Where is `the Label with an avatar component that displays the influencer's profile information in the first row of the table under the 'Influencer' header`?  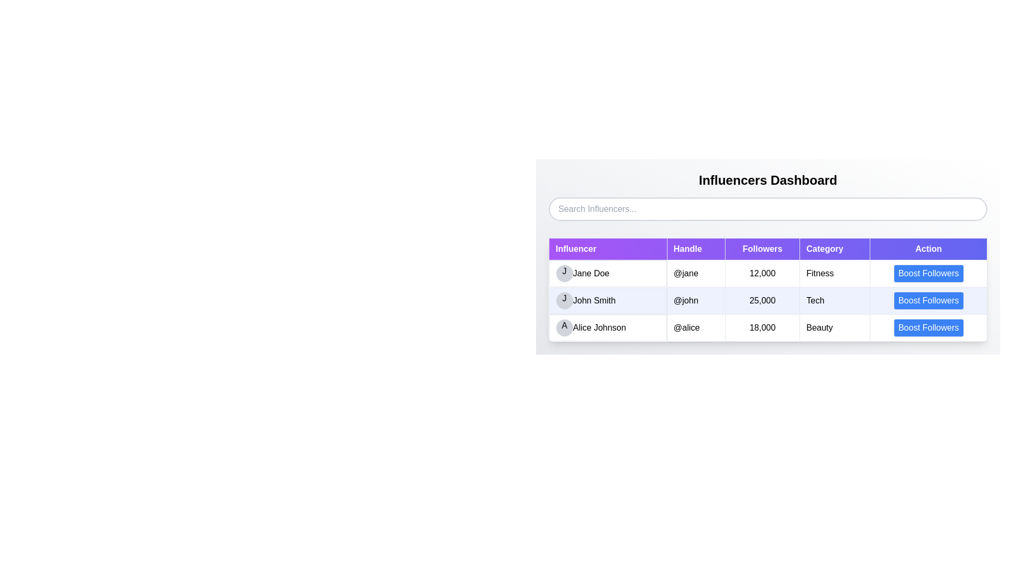 the Label with an avatar component that displays the influencer's profile information in the first row of the table under the 'Influencer' header is located at coordinates (608, 273).